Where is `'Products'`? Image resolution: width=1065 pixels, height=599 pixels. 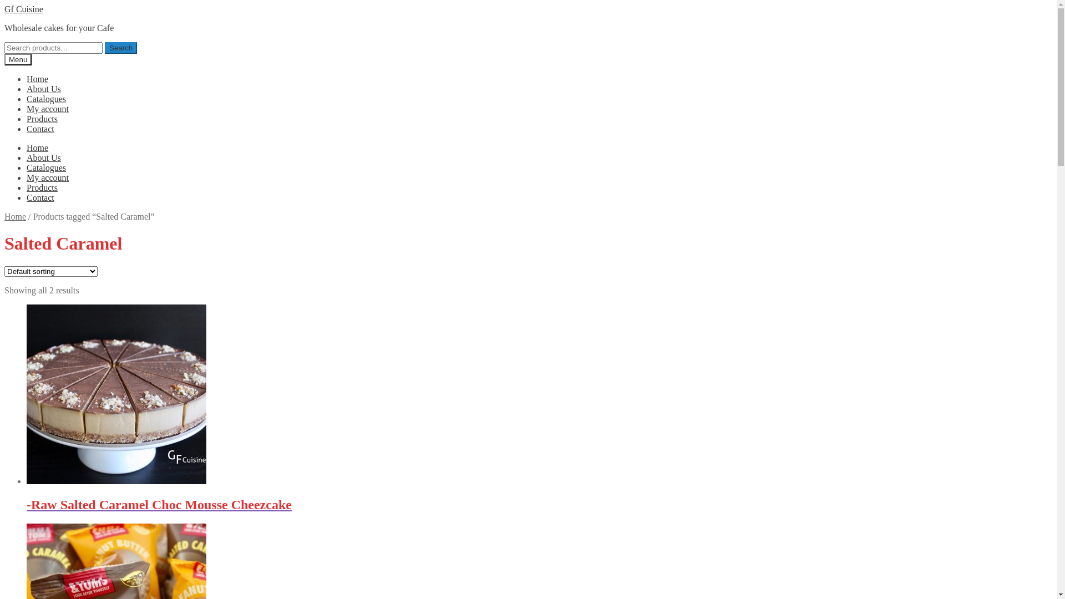 'Products' is located at coordinates (42, 187).